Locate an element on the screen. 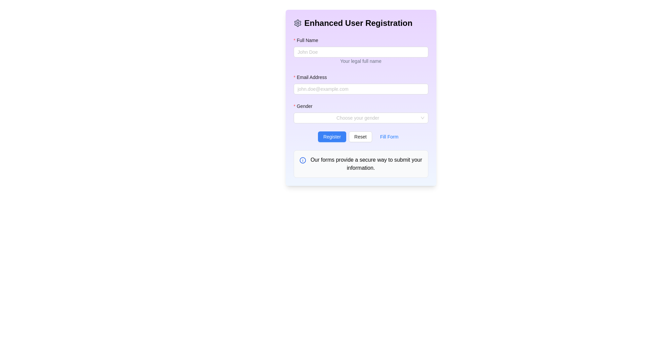 Image resolution: width=646 pixels, height=363 pixels. the SVG circle icon that visually represents 'information' or 'security', located in the bottom section of the card next to the text 'Our forms provide a secure way to submit your information' is located at coordinates (302, 160).